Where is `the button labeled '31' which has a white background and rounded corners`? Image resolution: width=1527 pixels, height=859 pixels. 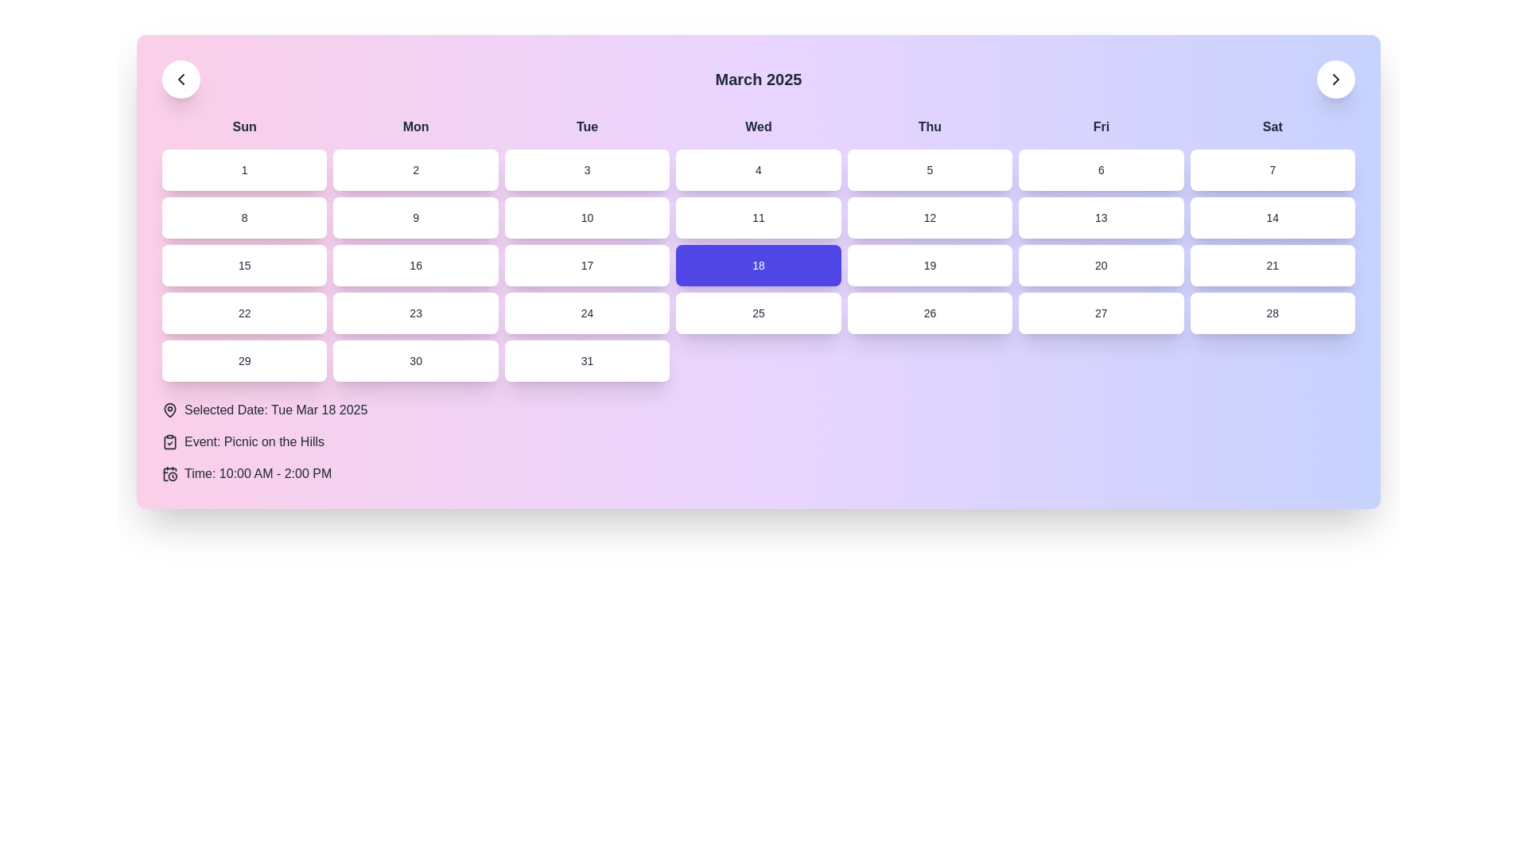
the button labeled '31' which has a white background and rounded corners is located at coordinates (586, 361).